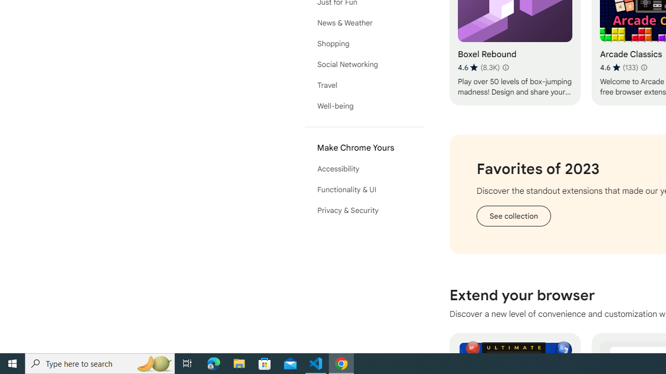 The width and height of the screenshot is (666, 374). Describe the element at coordinates (643, 67) in the screenshot. I see `'Learn more about results and reviews "Arcade Classics"'` at that location.